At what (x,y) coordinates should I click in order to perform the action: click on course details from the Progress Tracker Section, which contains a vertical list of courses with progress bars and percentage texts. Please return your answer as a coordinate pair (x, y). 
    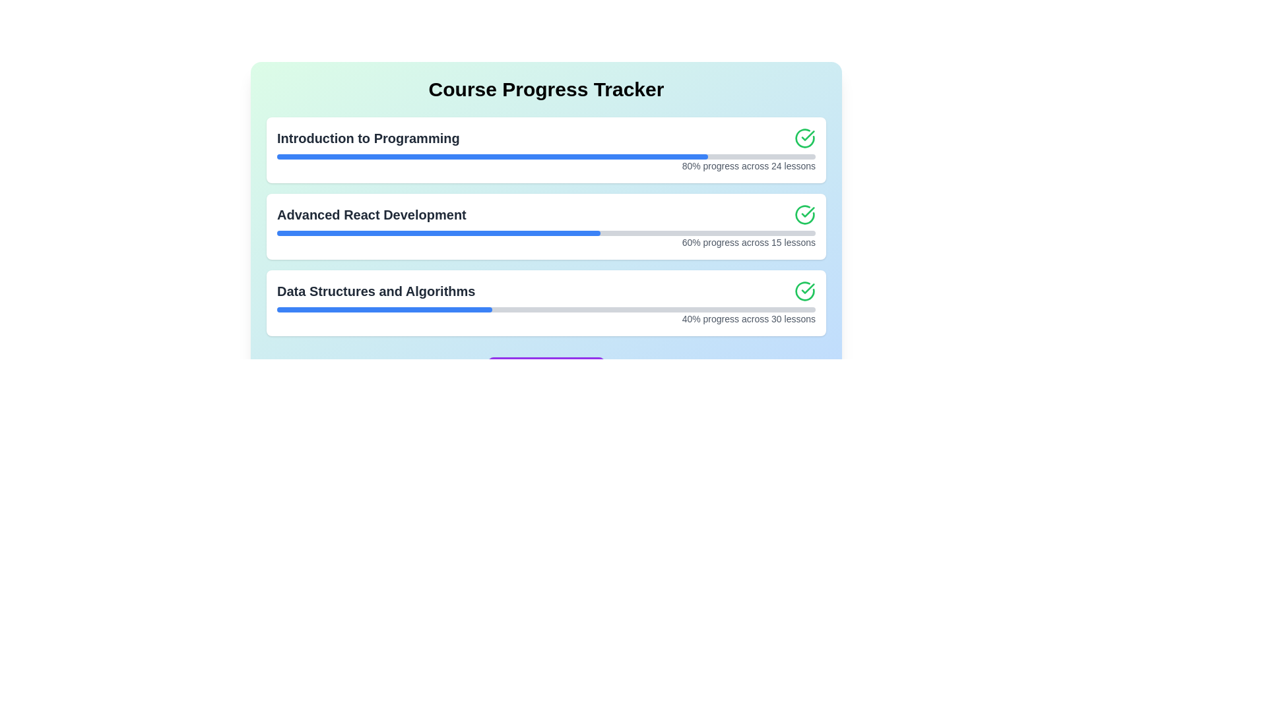
    Looking at the image, I should click on (546, 225).